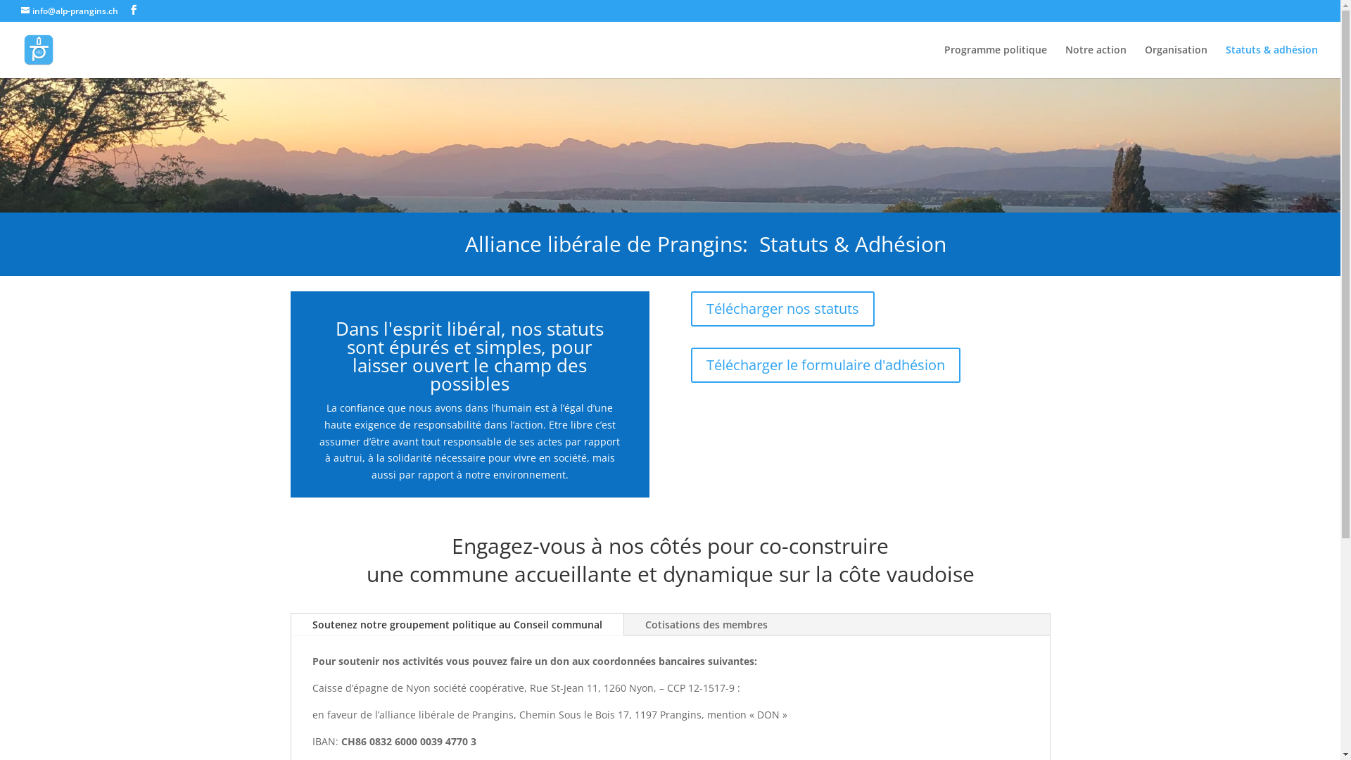 This screenshot has width=1351, height=760. Describe the element at coordinates (457, 623) in the screenshot. I see `'Soutenez notre groupement politique au Conseil communal'` at that location.